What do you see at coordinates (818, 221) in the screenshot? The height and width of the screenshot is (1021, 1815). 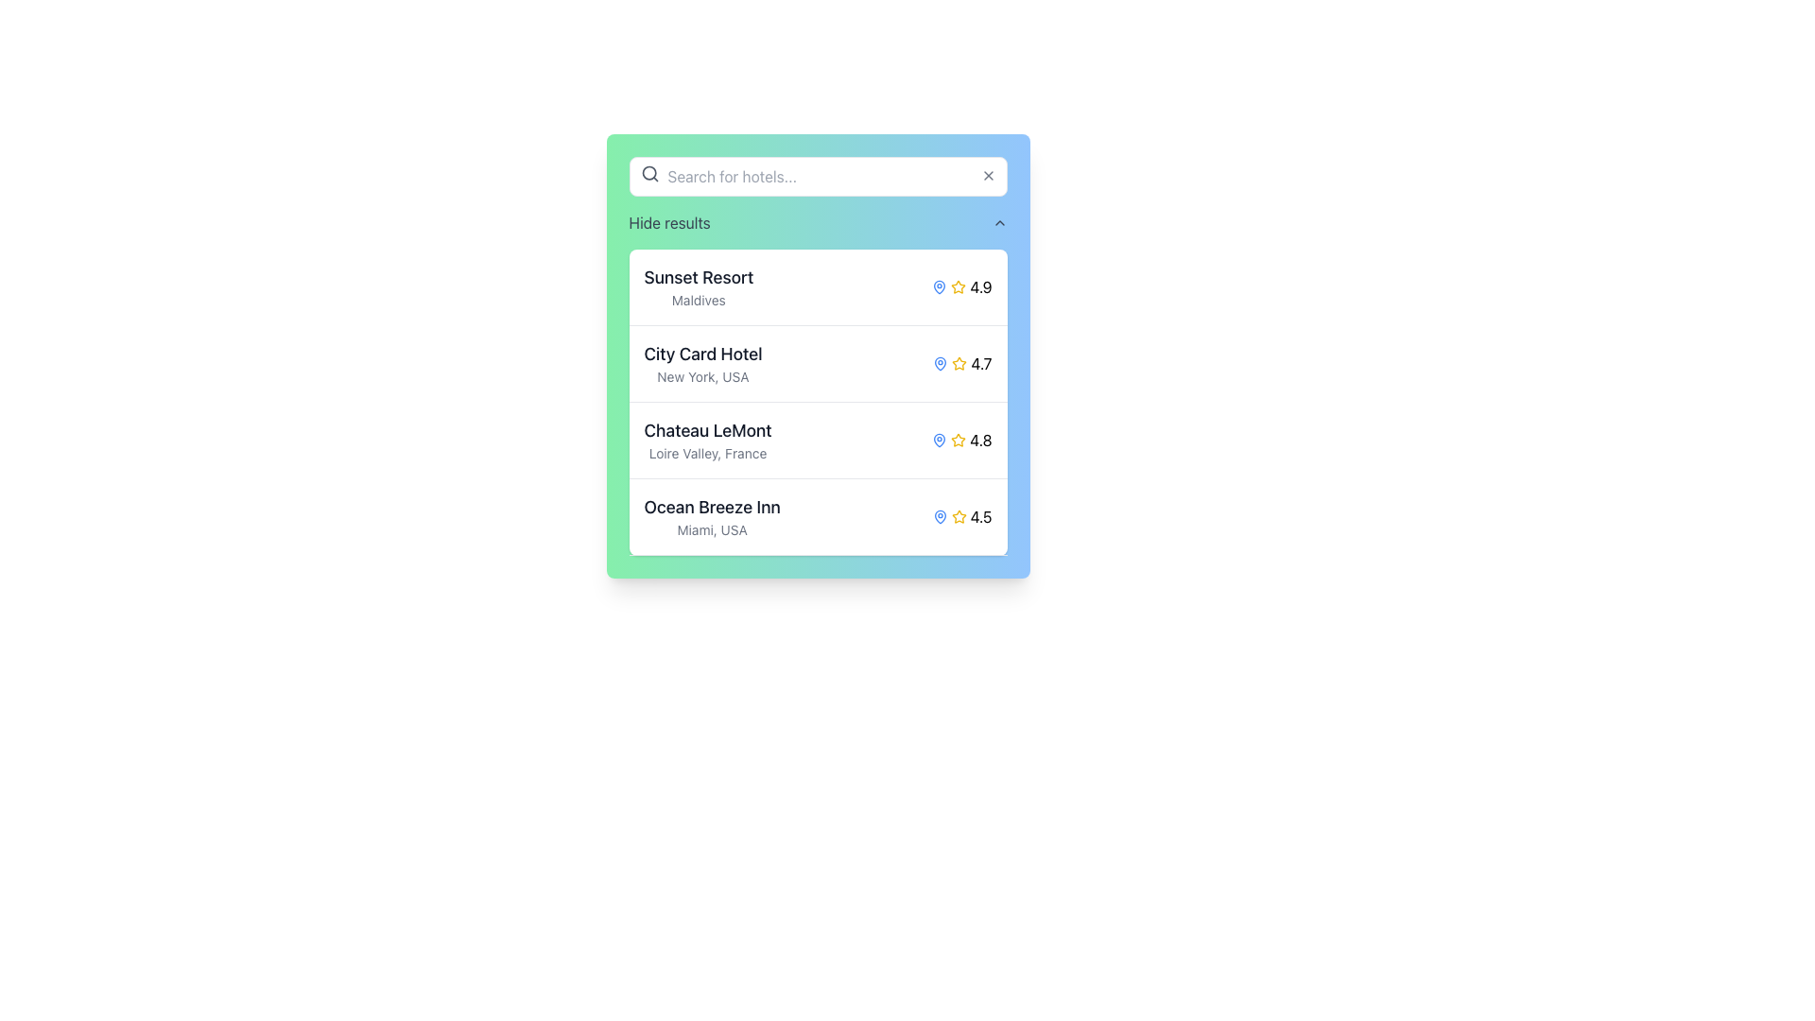 I see `the 'Hide results' button` at bounding box center [818, 221].